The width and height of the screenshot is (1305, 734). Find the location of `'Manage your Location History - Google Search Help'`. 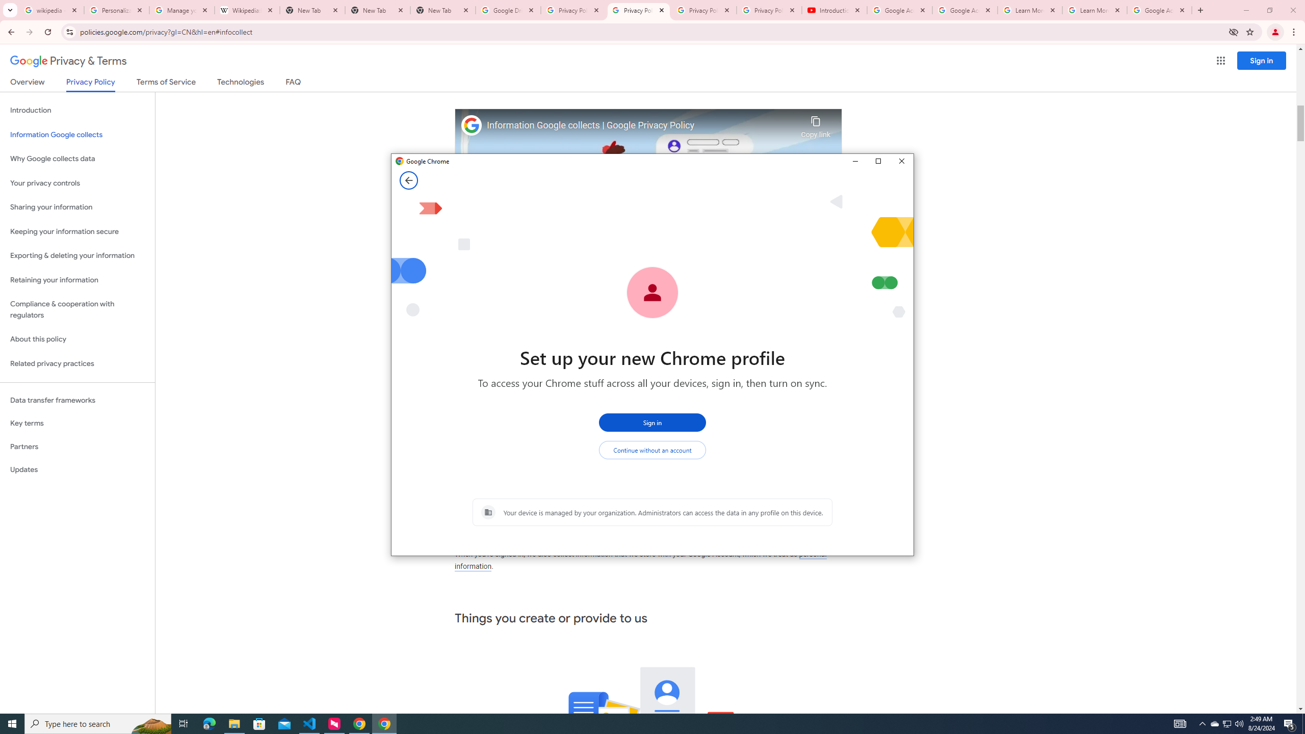

'Manage your Location History - Google Search Help' is located at coordinates (181, 10).